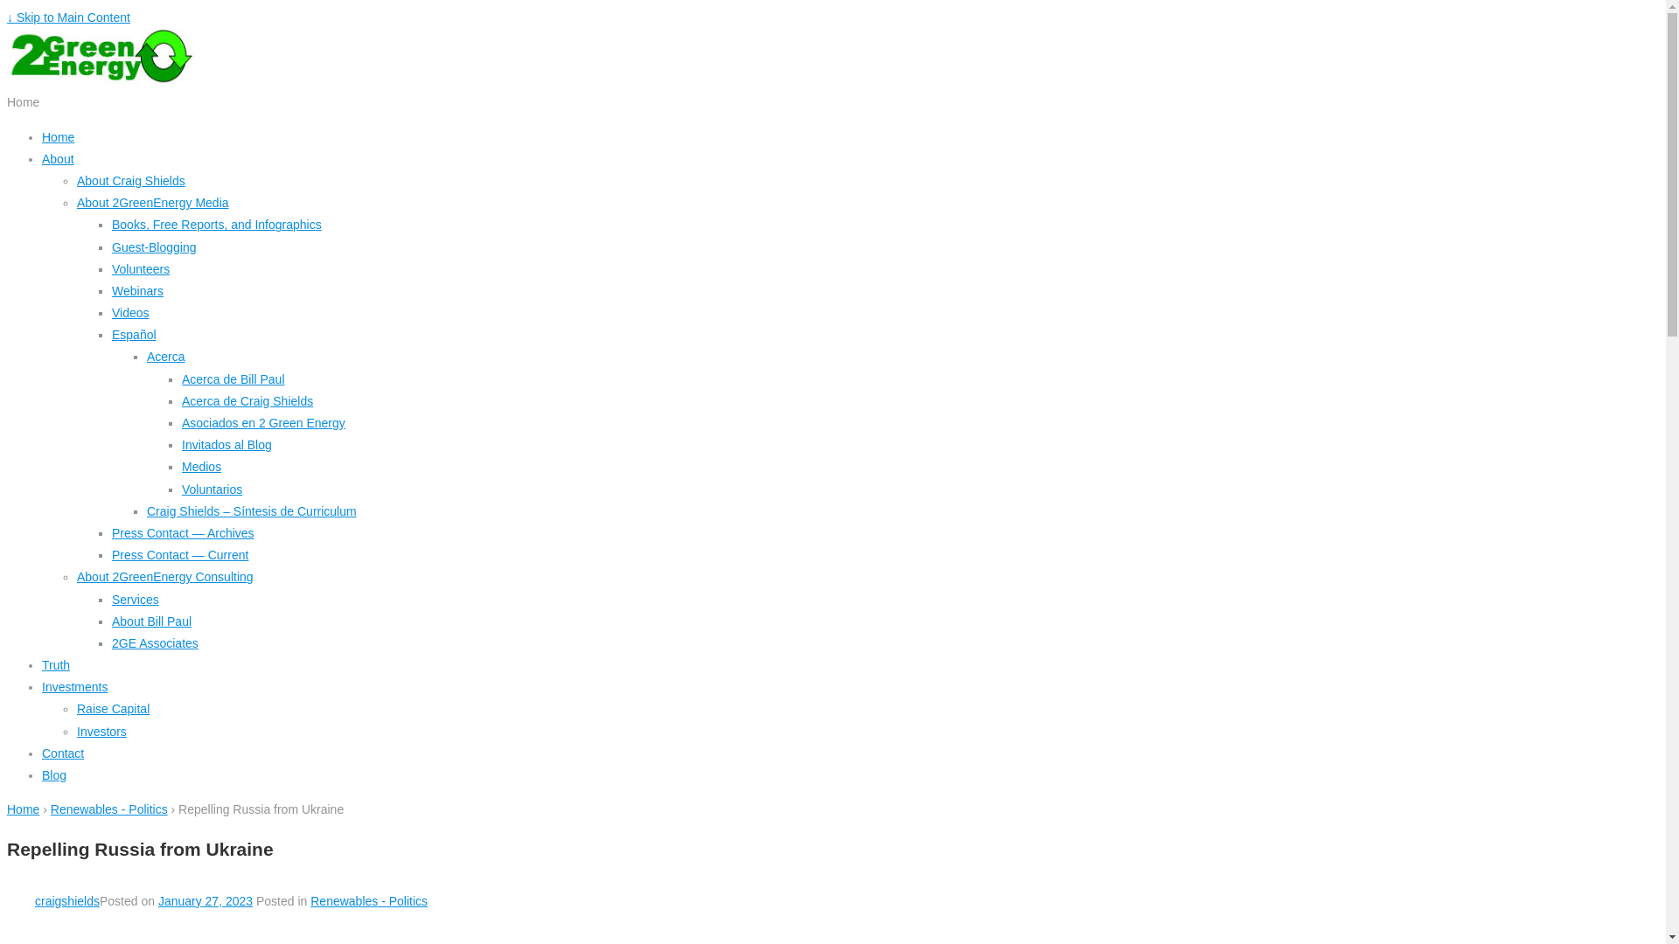  What do you see at coordinates (129, 312) in the screenshot?
I see `'Videos'` at bounding box center [129, 312].